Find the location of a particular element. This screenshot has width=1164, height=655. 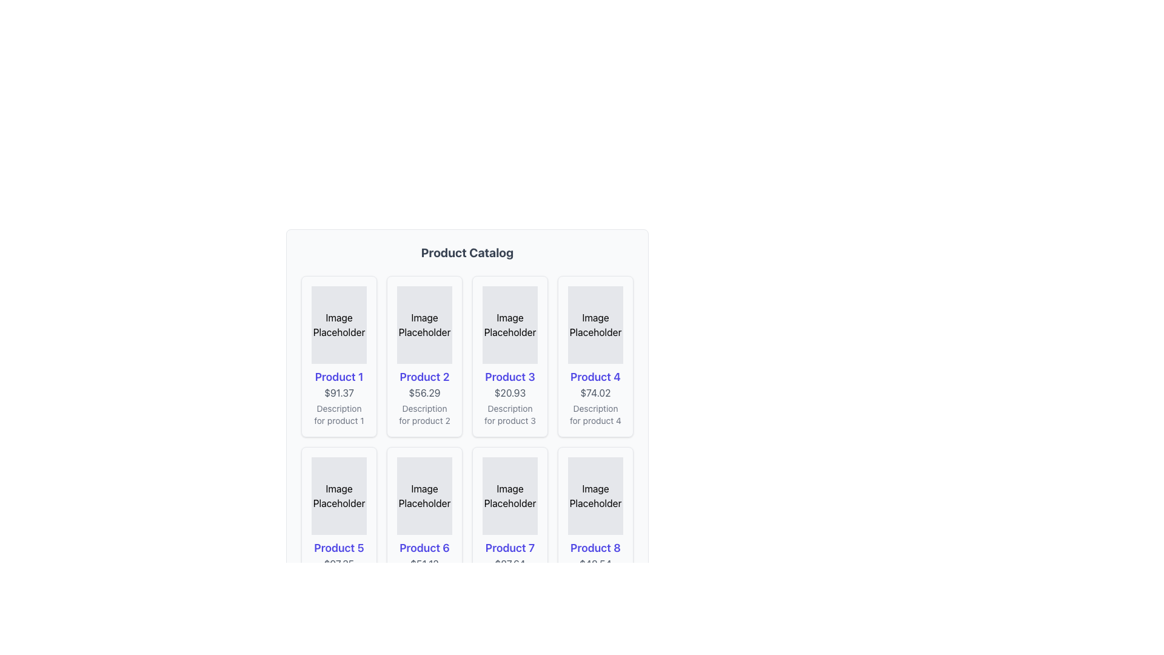

the Text Label displaying the product name, located below the placeholder image and above the price text '$51.12' in the card layout is located at coordinates (424, 548).